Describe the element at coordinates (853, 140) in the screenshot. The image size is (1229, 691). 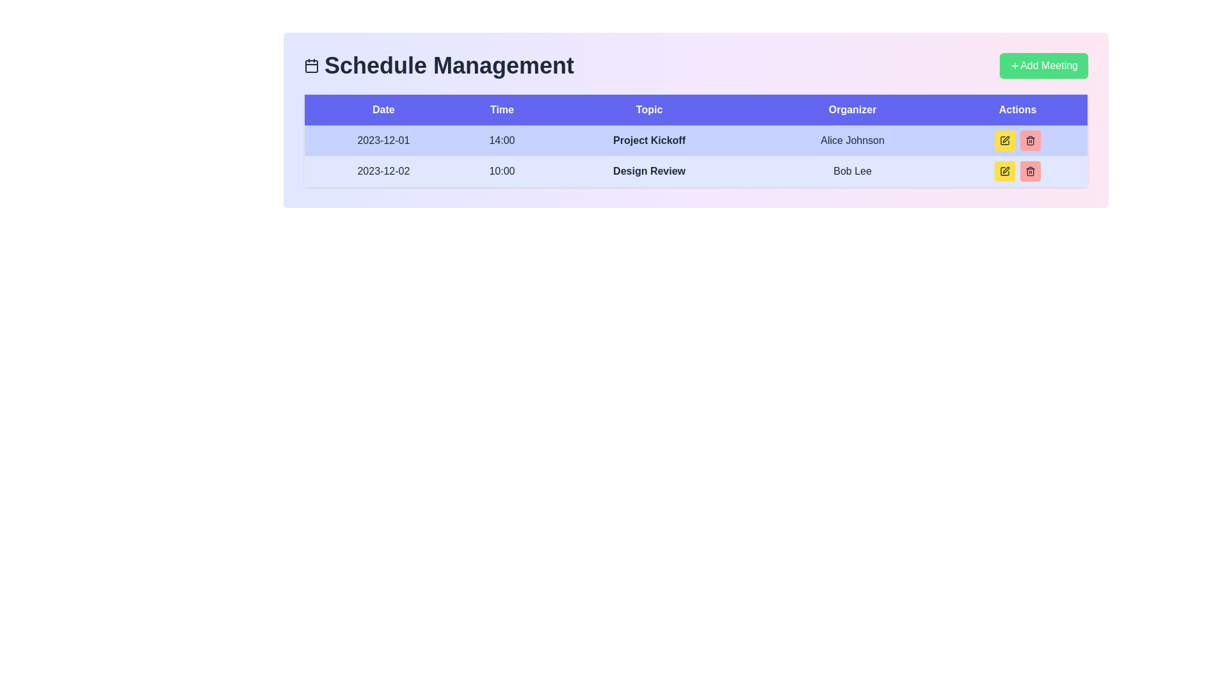
I see `the text label displaying 'Alice Johnson' in the Organizer column of the Project Kickoff topic` at that location.